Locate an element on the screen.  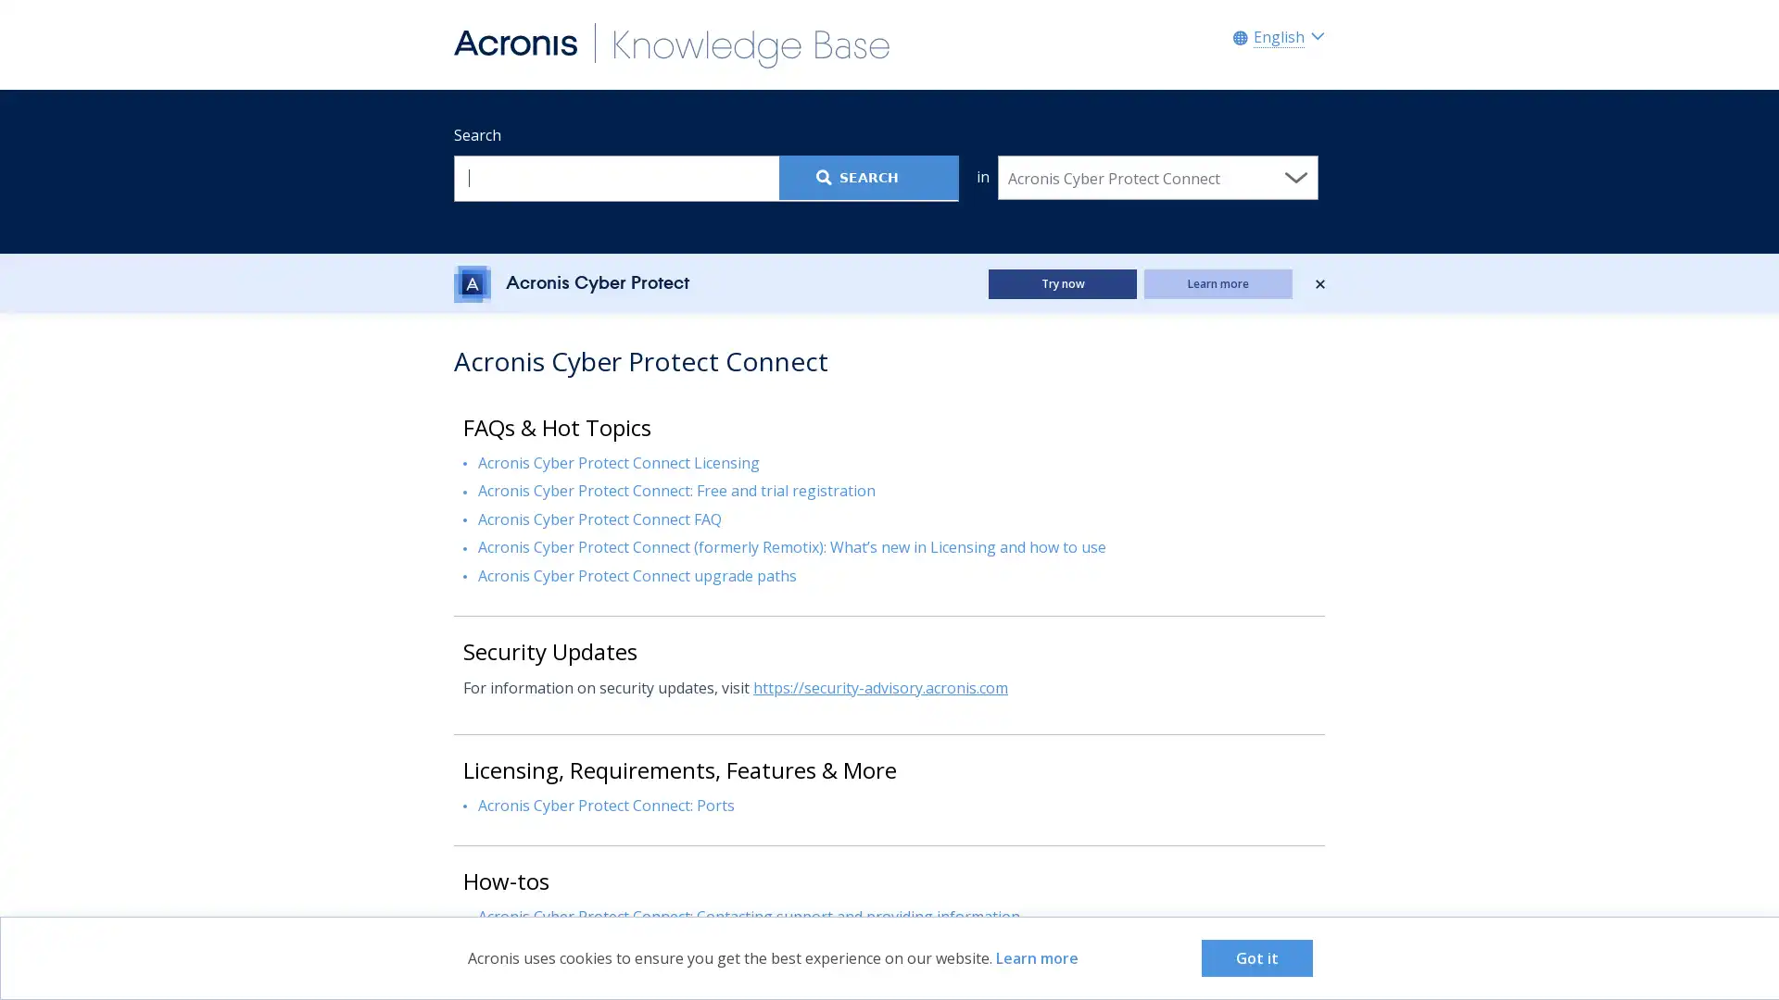
Search is located at coordinates (867, 178).